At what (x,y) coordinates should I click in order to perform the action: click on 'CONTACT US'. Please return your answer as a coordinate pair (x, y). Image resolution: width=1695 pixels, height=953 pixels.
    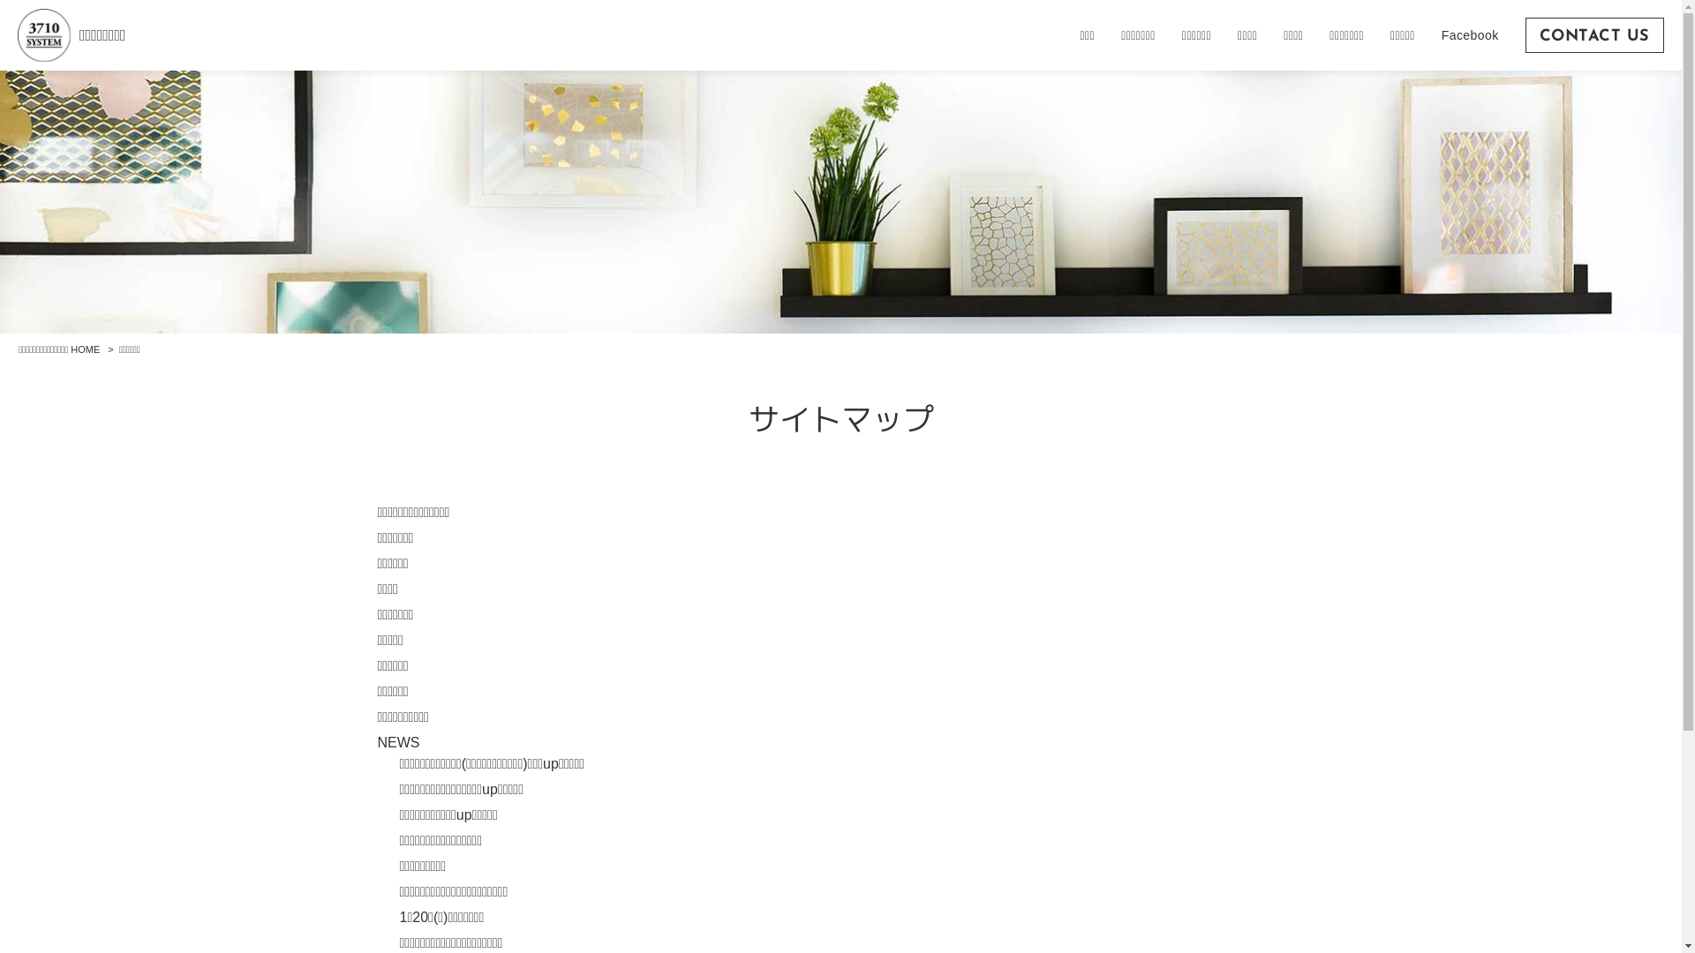
    Looking at the image, I should click on (1594, 34).